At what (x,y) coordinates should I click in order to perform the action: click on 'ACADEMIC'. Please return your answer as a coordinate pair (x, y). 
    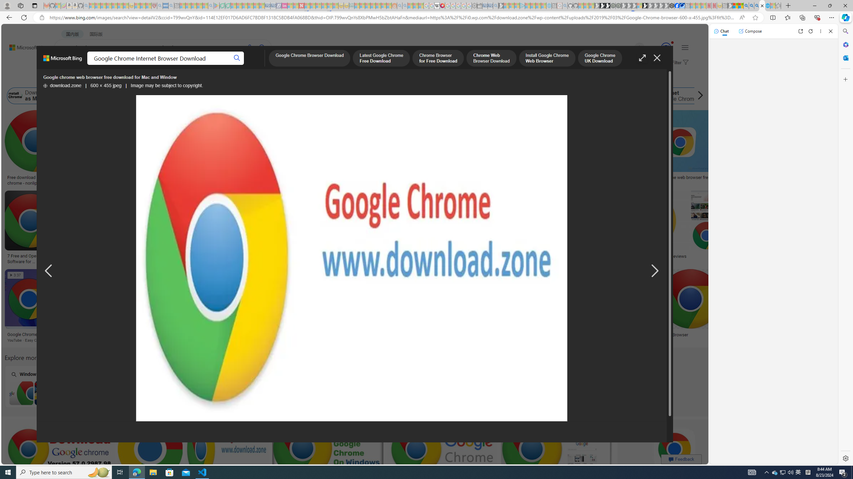
    Looking at the image, I should click on (211, 65).